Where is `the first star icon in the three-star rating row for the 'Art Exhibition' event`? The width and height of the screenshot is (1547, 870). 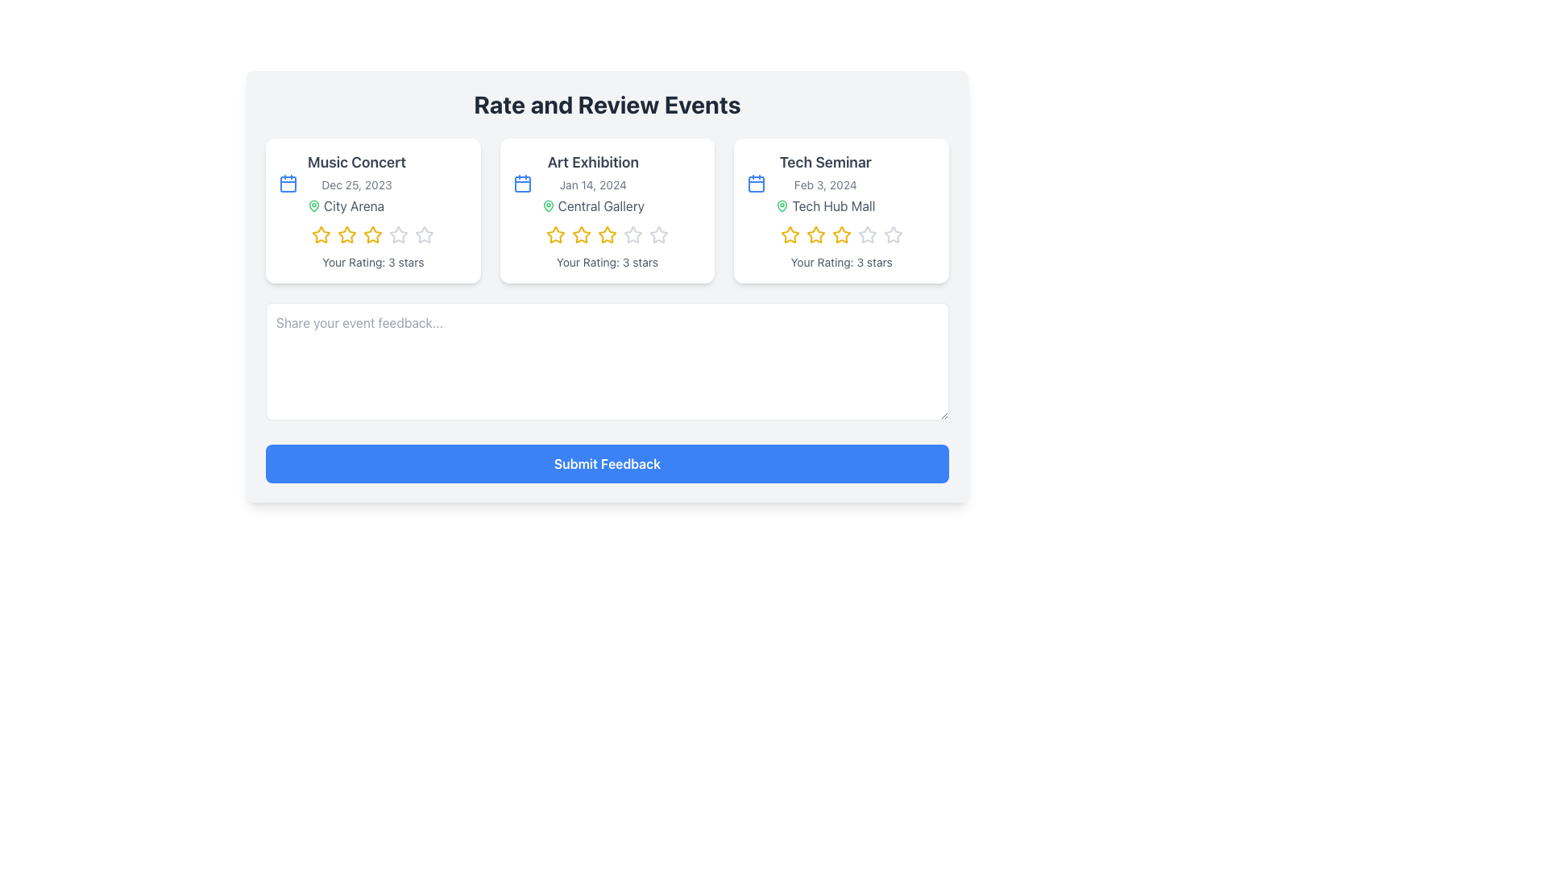
the first star icon in the three-star rating row for the 'Art Exhibition' event is located at coordinates (556, 234).